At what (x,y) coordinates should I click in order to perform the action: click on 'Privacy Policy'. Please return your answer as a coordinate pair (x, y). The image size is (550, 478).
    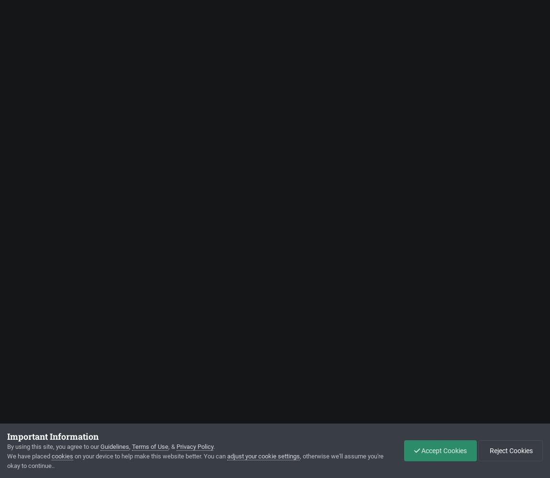
    Looking at the image, I should click on (195, 446).